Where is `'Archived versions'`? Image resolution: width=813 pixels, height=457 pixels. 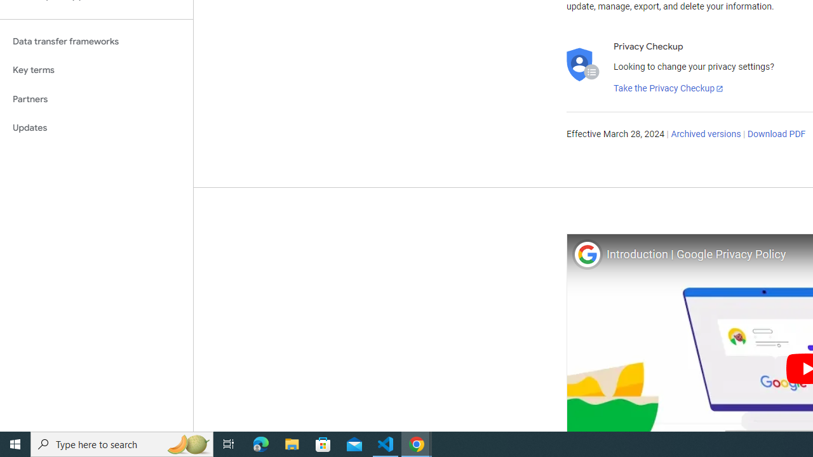
'Archived versions' is located at coordinates (705, 135).